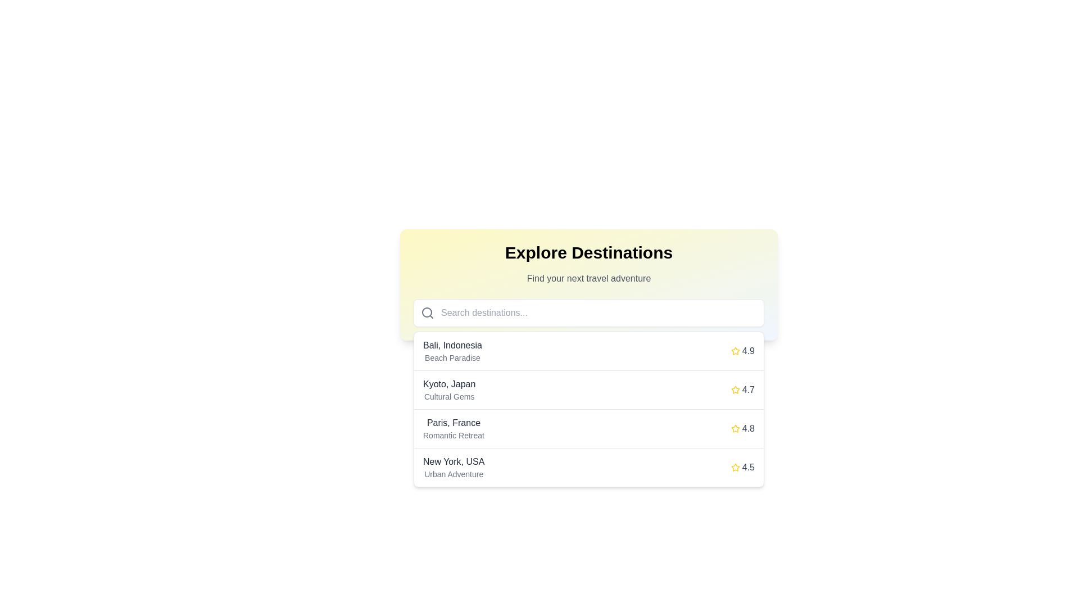 This screenshot has width=1079, height=607. Describe the element at coordinates (735, 468) in the screenshot. I see `the star icon representing the rating for 'New York, USA', which is located to the left of the numerical rating '4.5'` at that location.